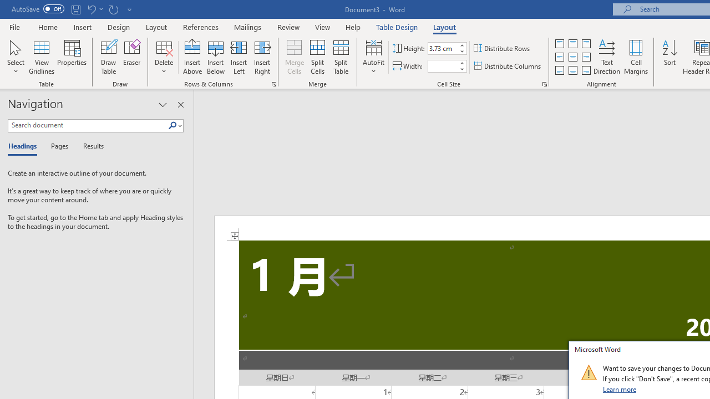 Image resolution: width=710 pixels, height=399 pixels. Describe the element at coordinates (94, 9) in the screenshot. I see `'Undo Increase Indent'` at that location.